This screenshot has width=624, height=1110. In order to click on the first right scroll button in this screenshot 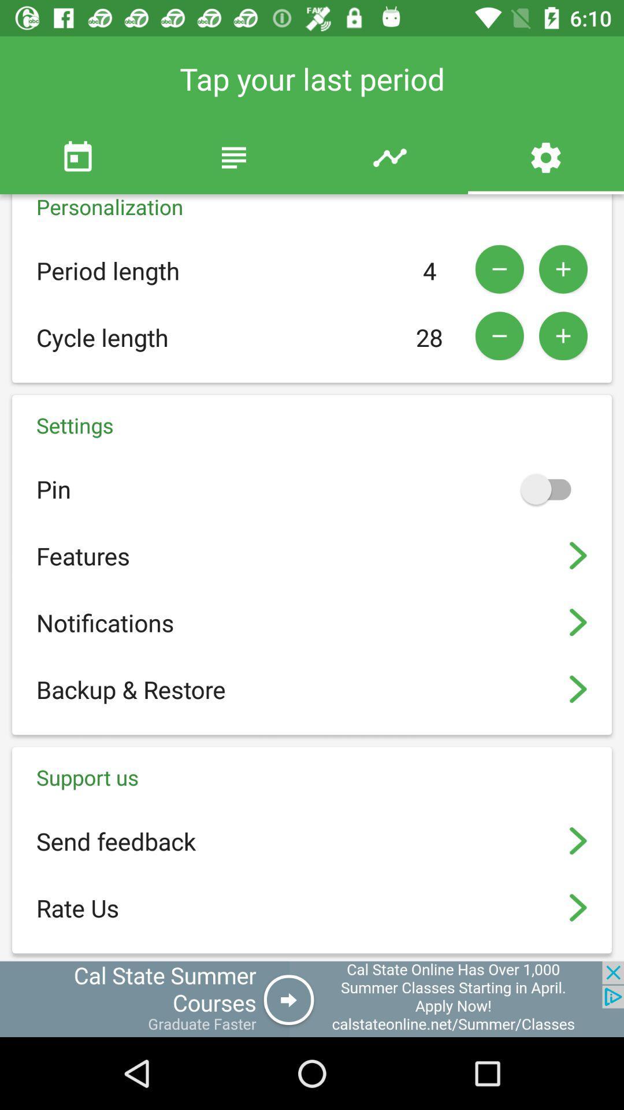, I will do `click(578, 556)`.